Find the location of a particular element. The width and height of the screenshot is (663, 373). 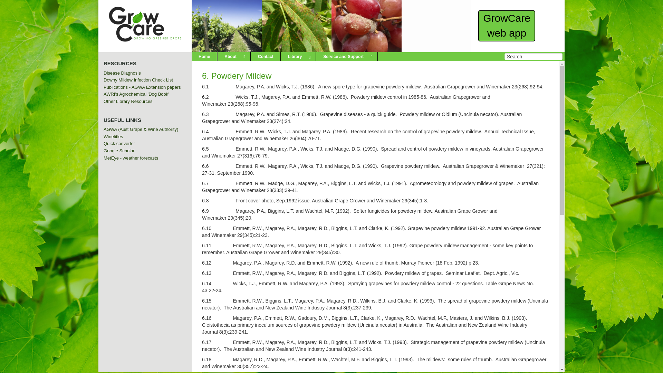

'Publications - AGWA Extension papers' is located at coordinates (142, 87).